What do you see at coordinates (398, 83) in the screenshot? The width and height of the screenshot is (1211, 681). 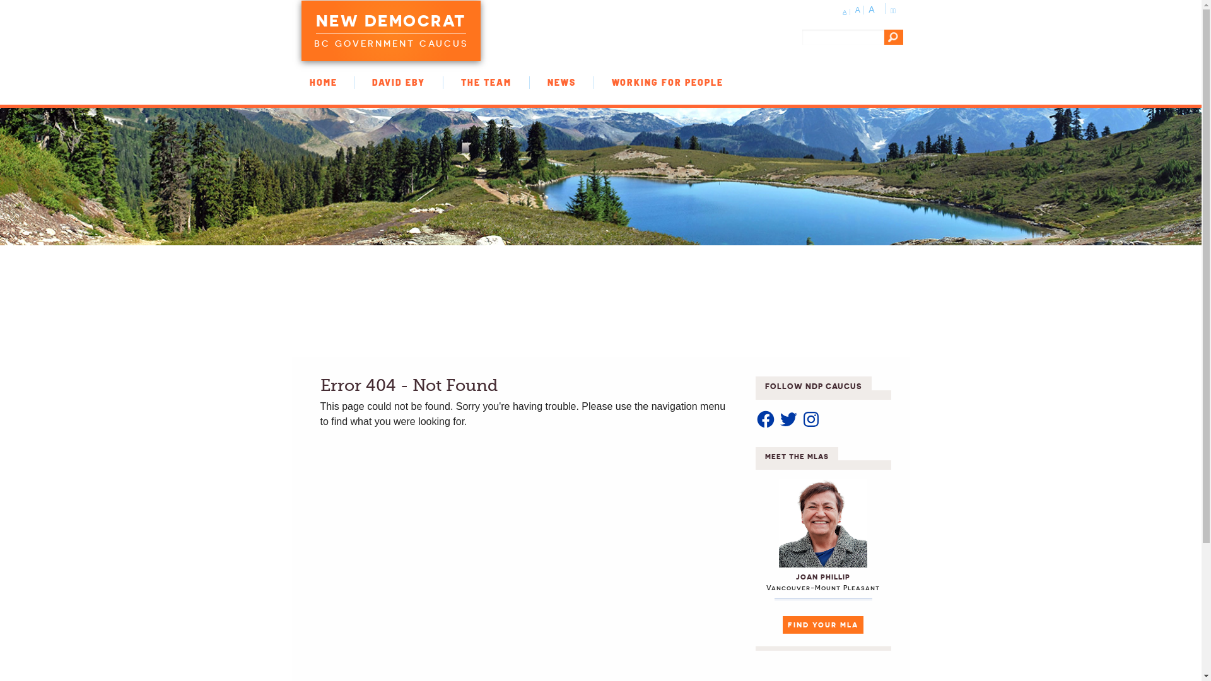 I see `'DAVID EBY'` at bounding box center [398, 83].